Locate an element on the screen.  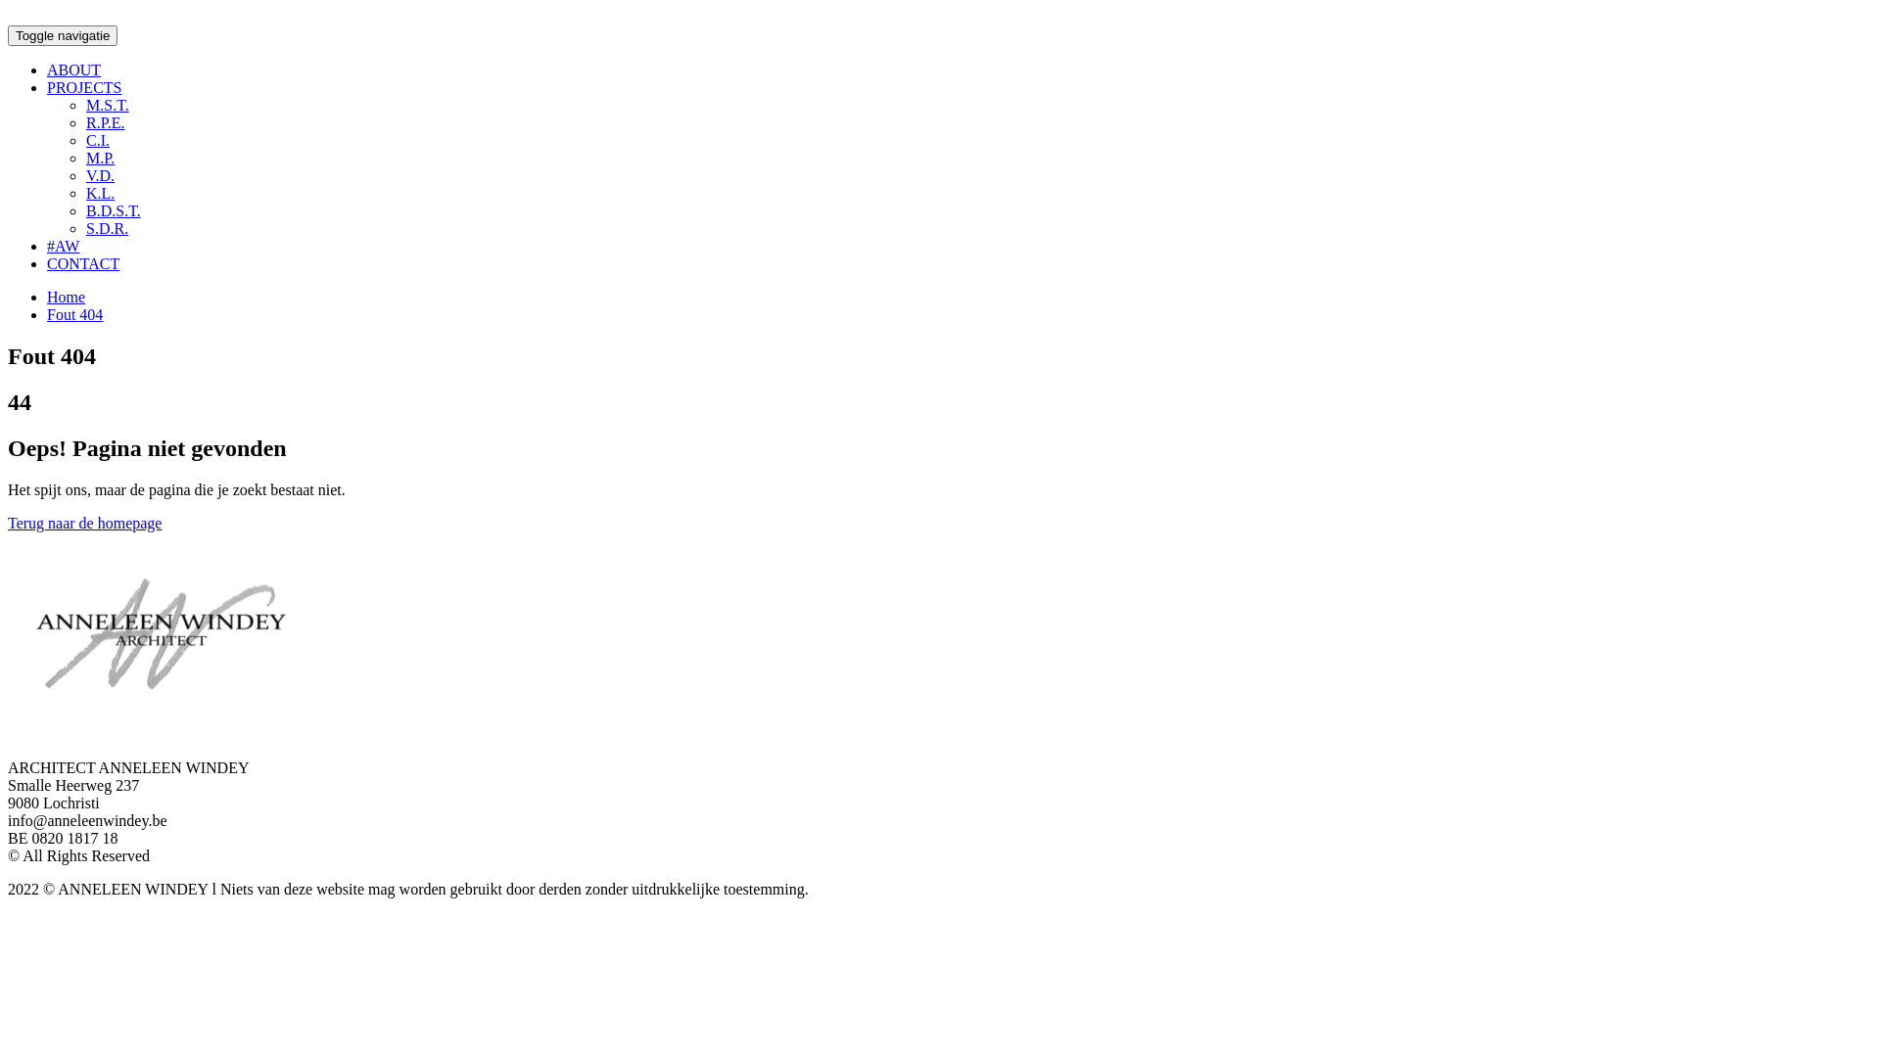
'#AW' is located at coordinates (63, 245).